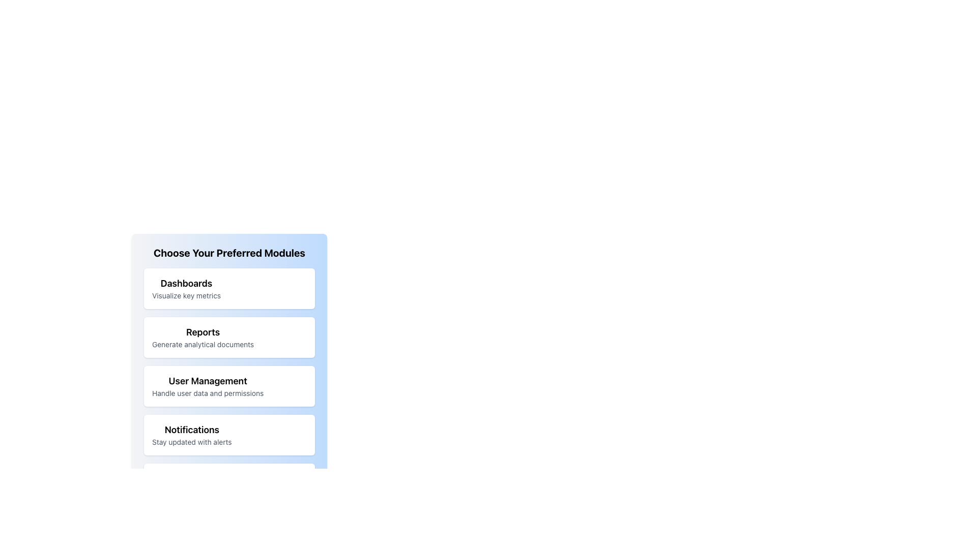 The height and width of the screenshot is (549, 977). Describe the element at coordinates (203, 337) in the screenshot. I see `the interactive list item labeled 'Reports'` at that location.